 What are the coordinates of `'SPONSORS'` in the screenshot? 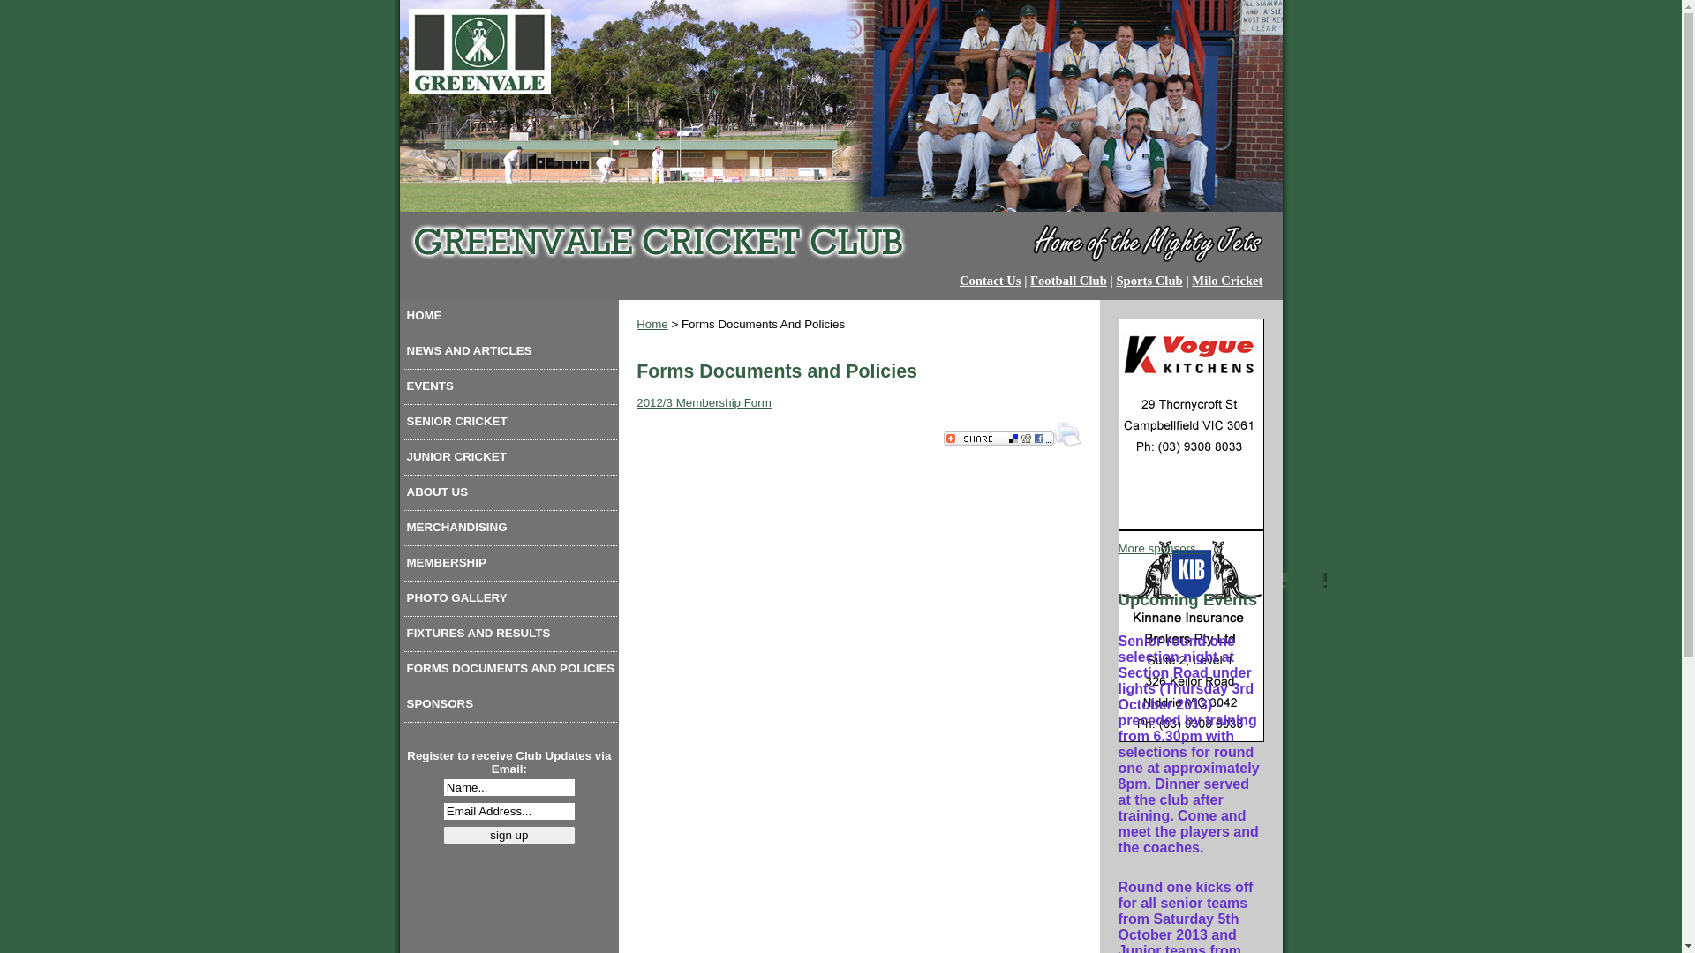 It's located at (510, 707).